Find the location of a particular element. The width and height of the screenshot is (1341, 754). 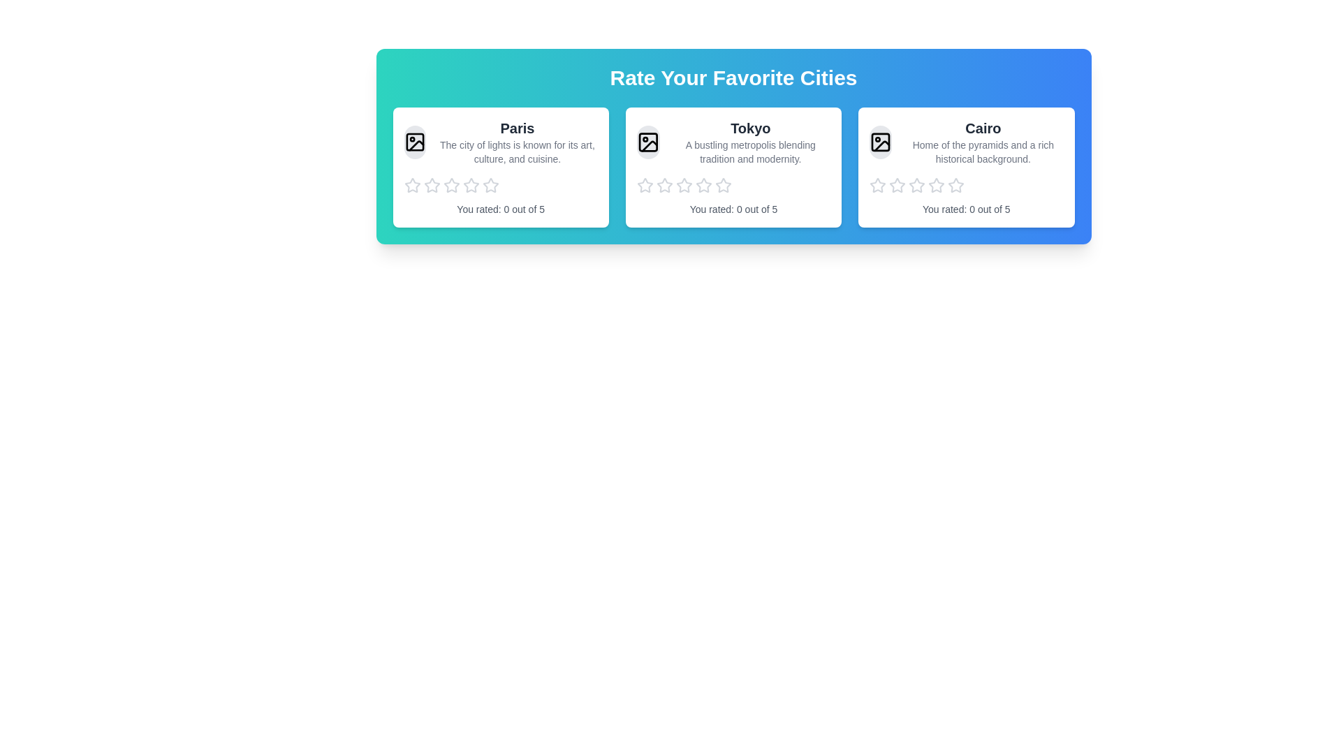

the informational text element containing the headline 'Tokyo' and the description 'A bustling metropolis blending tradition and modernity.' positioned in the second place of the list of cities is located at coordinates (749, 142).